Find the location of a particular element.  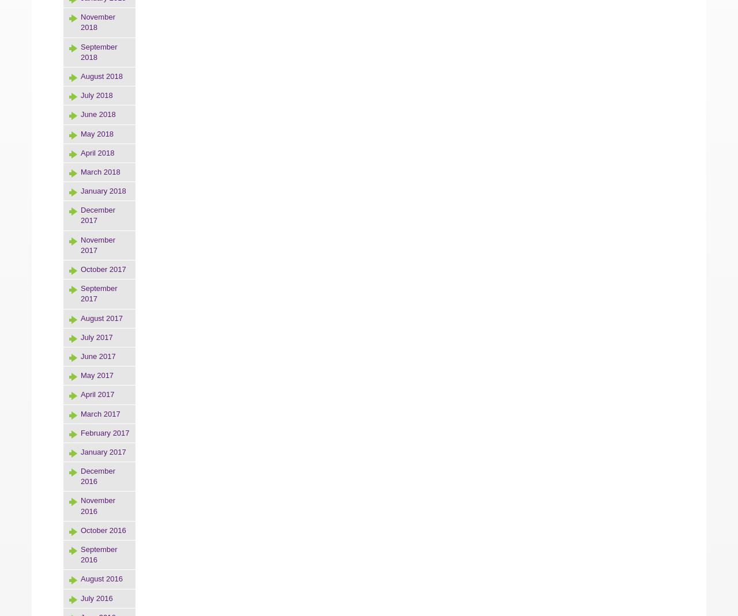

'June 2017' is located at coordinates (80, 356).